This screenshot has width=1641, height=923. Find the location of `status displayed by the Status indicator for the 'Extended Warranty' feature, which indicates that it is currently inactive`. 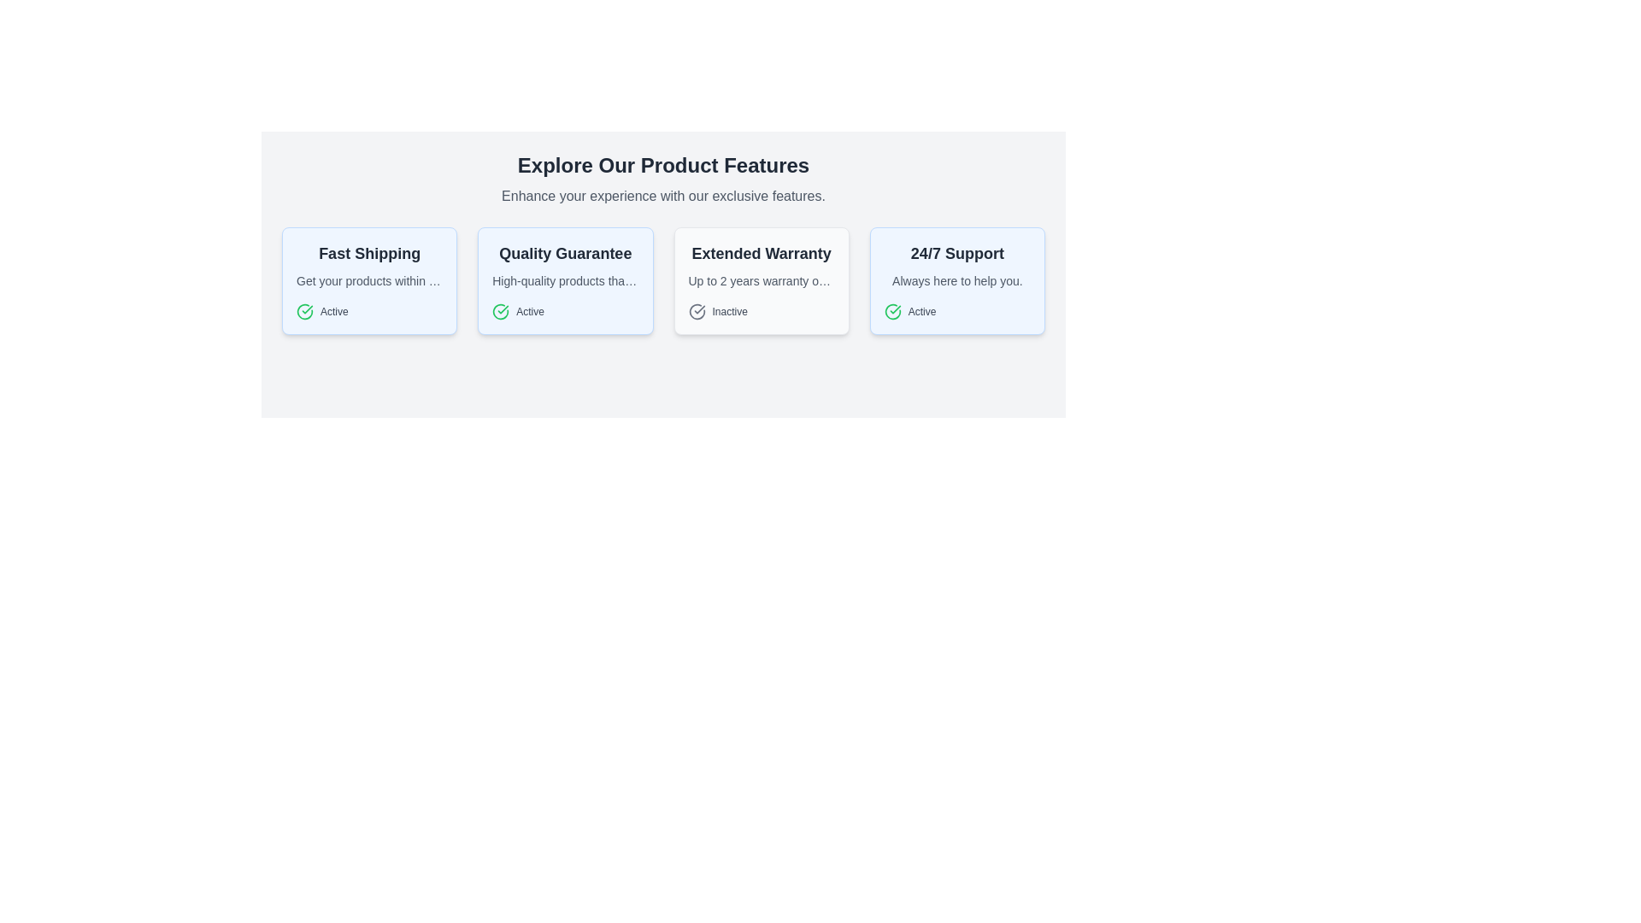

status displayed by the Status indicator for the 'Extended Warranty' feature, which indicates that it is currently inactive is located at coordinates (761, 312).